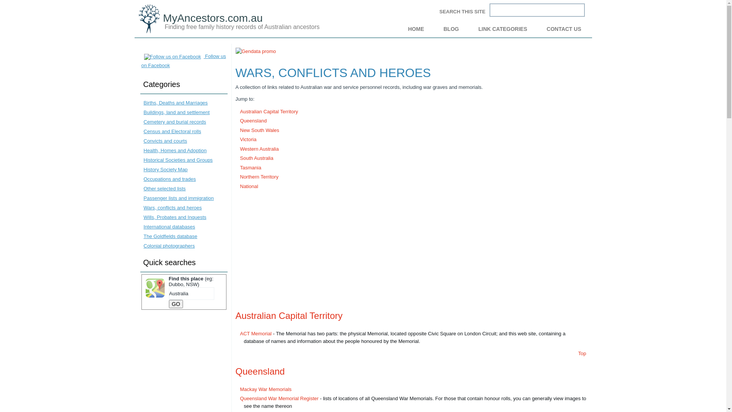  What do you see at coordinates (503, 29) in the screenshot?
I see `'LINK CATEGORIES'` at bounding box center [503, 29].